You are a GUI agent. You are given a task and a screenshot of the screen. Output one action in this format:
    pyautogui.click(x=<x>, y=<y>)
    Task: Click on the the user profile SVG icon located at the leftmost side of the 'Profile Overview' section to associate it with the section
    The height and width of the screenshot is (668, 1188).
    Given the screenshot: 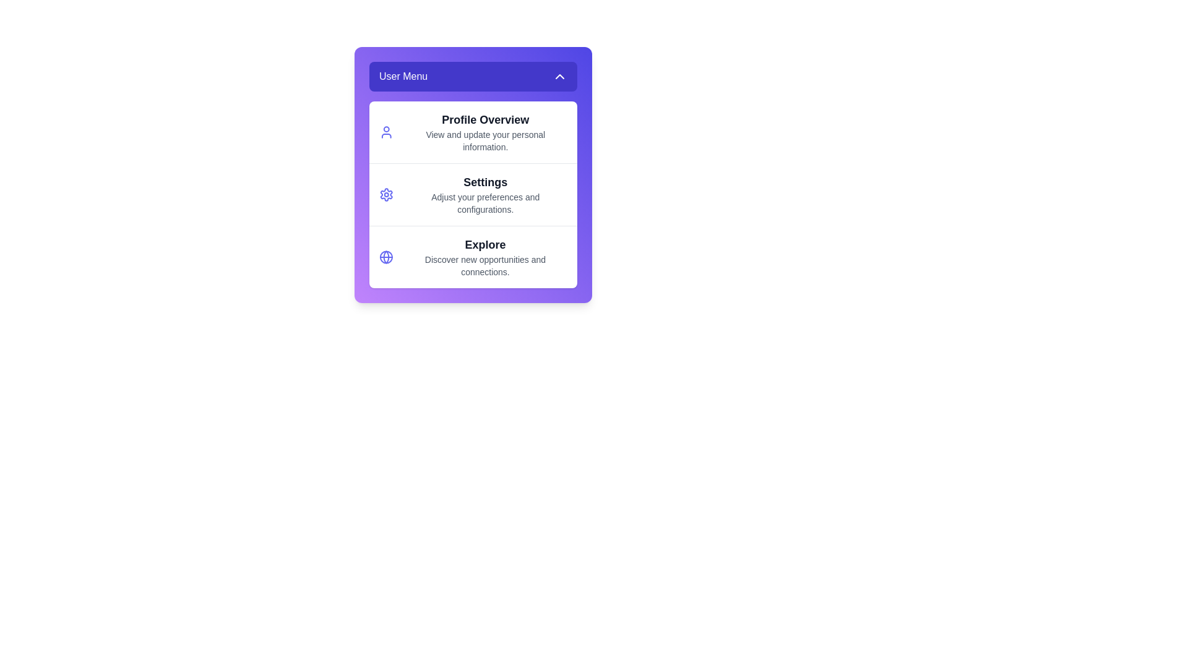 What is the action you would take?
    pyautogui.click(x=385, y=132)
    